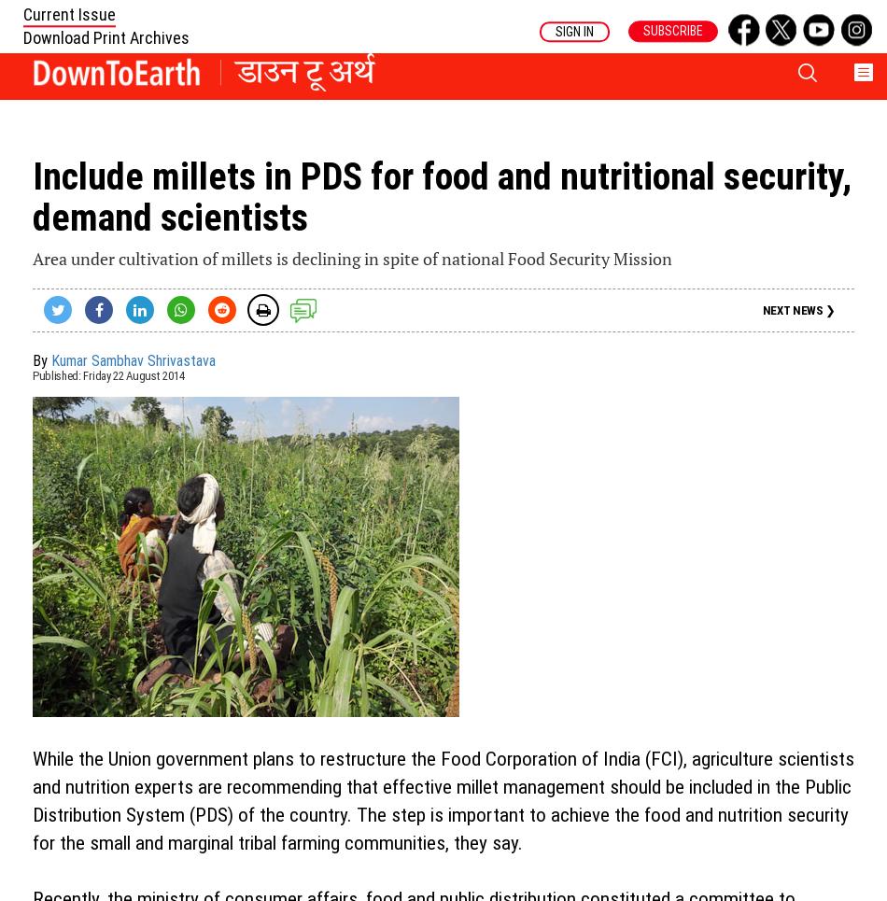 The height and width of the screenshot is (901, 887). Describe the element at coordinates (69, 12) in the screenshot. I see `'Current Issue'` at that location.